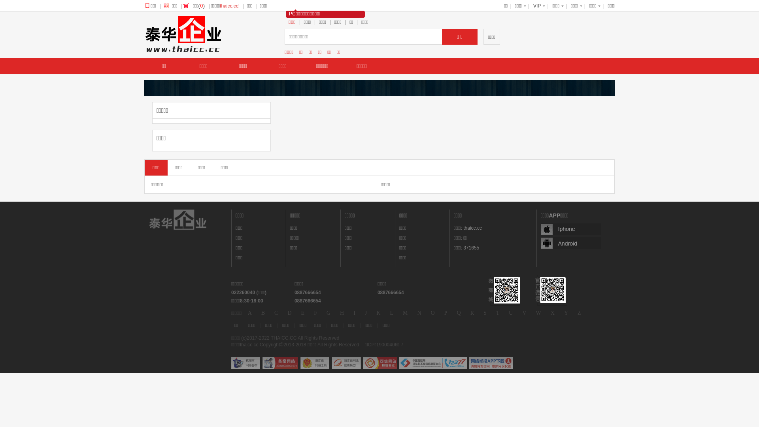 The height and width of the screenshot is (427, 759). I want to click on 'Y', so click(565, 312).